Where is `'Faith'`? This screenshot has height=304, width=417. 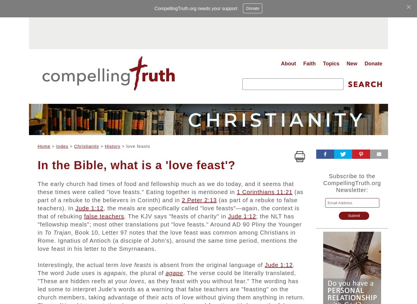 'Faith' is located at coordinates (309, 63).